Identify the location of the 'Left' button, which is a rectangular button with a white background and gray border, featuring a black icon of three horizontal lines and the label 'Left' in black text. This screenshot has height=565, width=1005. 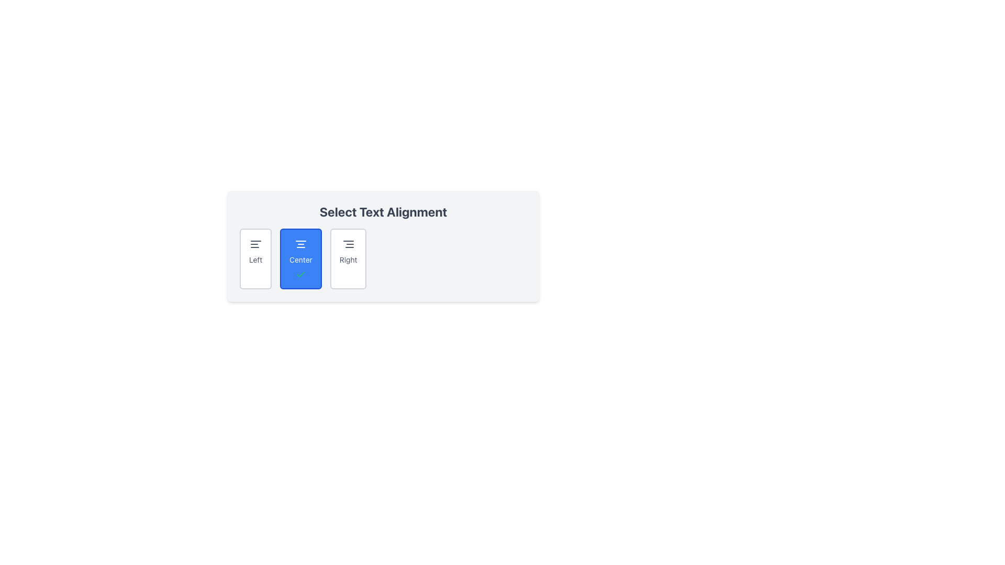
(255, 258).